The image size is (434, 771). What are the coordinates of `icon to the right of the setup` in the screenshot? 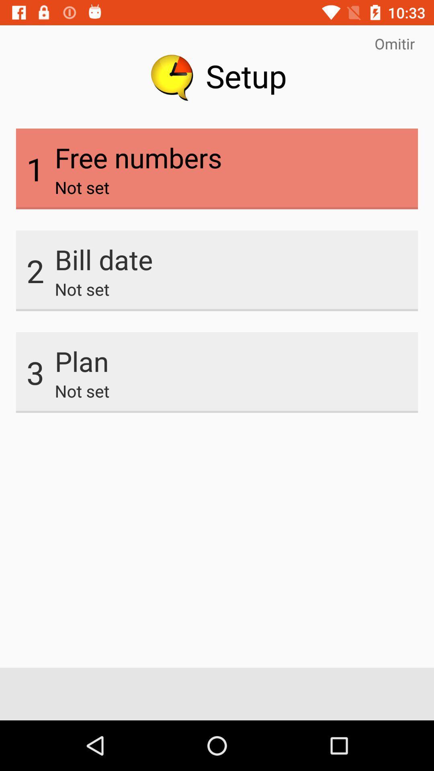 It's located at (394, 43).